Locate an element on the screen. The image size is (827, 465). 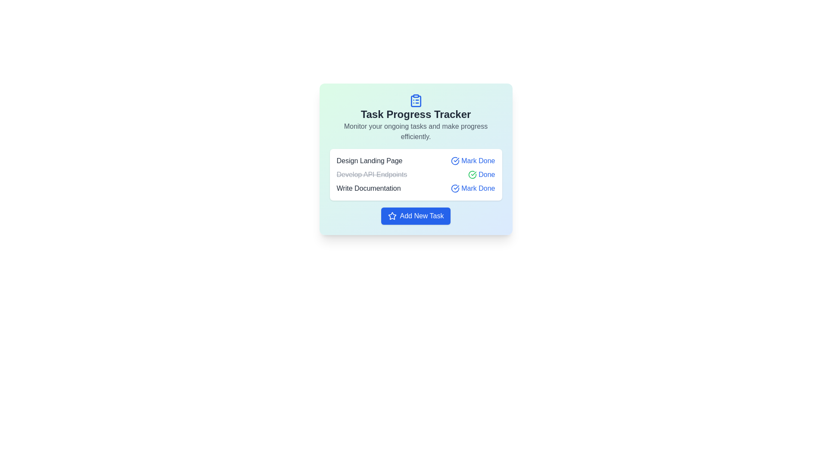
the 'Mark Done' text label styled in blue located in the third row of the task list next to the checkmark icon to mark the task as done is located at coordinates (478, 188).